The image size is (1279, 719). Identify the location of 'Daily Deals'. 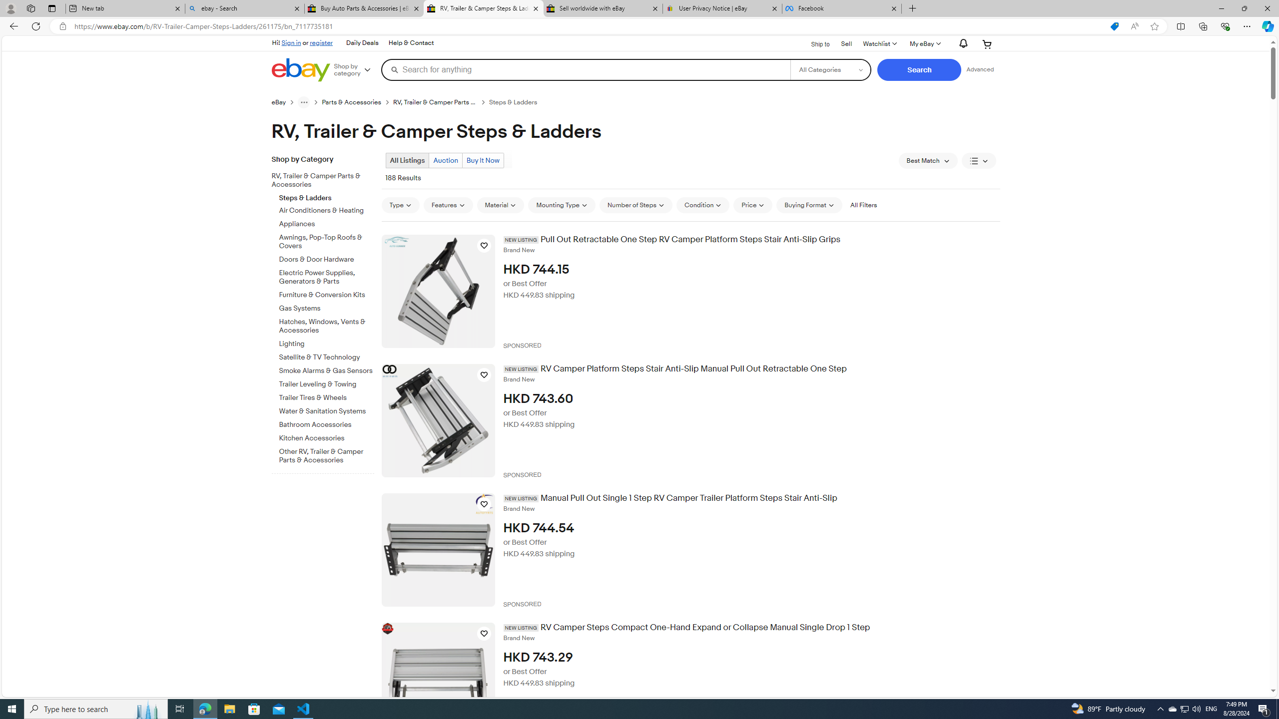
(362, 43).